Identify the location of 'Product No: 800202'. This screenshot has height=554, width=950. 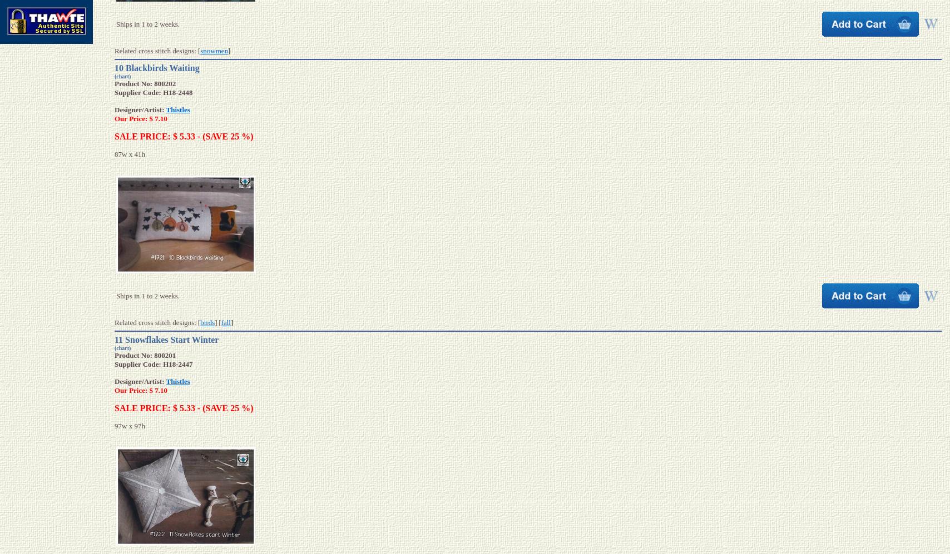
(145, 82).